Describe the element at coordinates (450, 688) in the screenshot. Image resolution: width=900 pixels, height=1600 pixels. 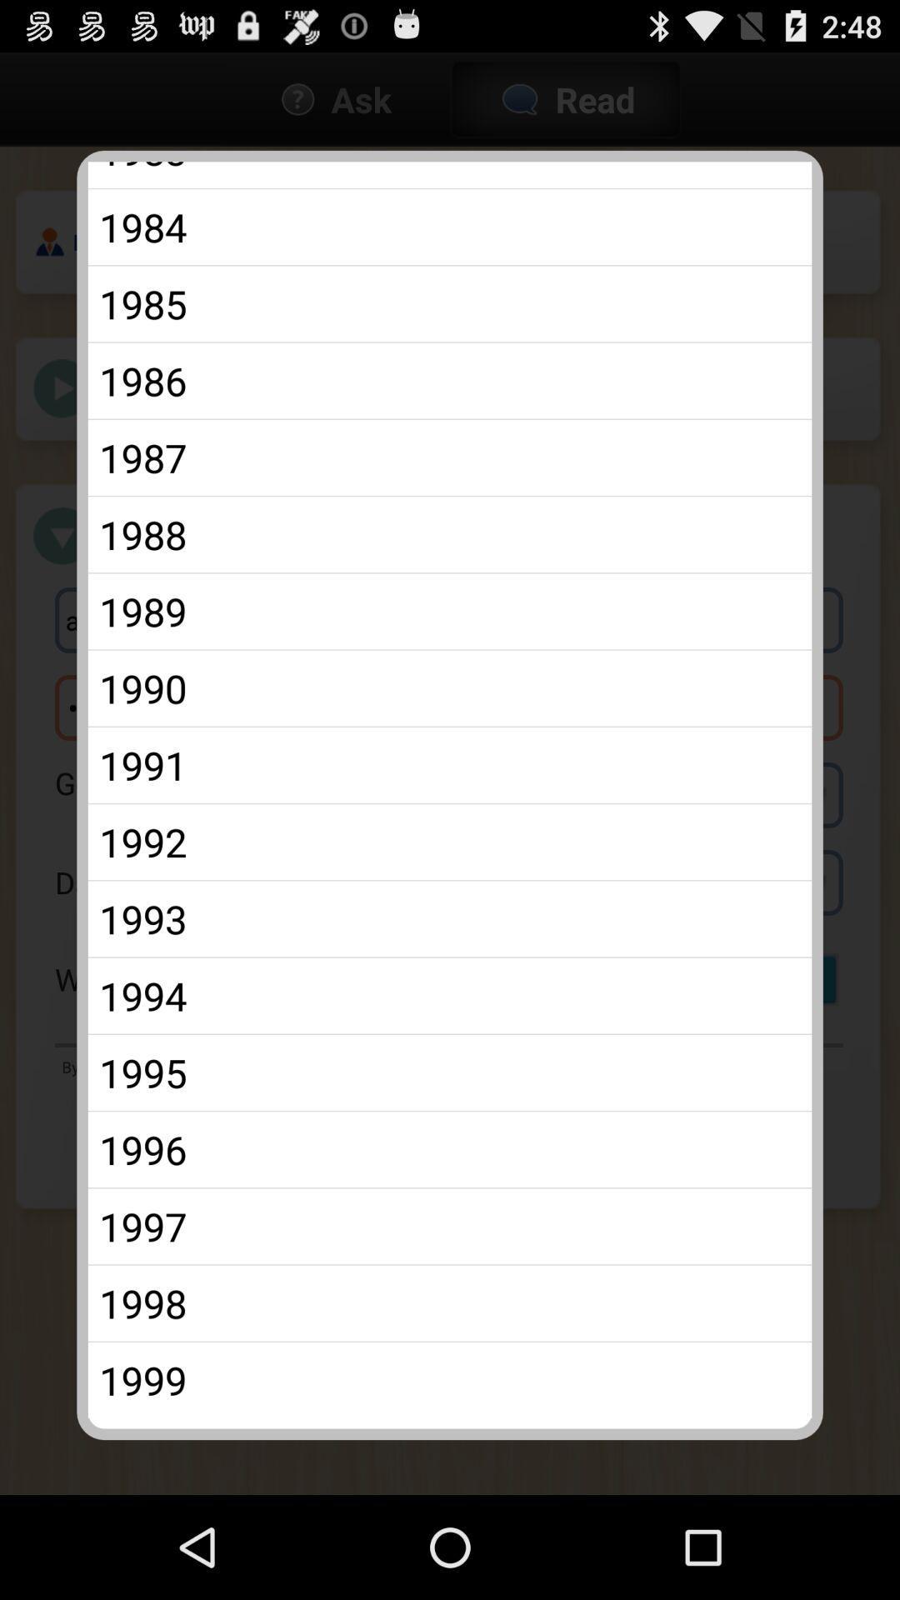
I see `the app above 1991 icon` at that location.